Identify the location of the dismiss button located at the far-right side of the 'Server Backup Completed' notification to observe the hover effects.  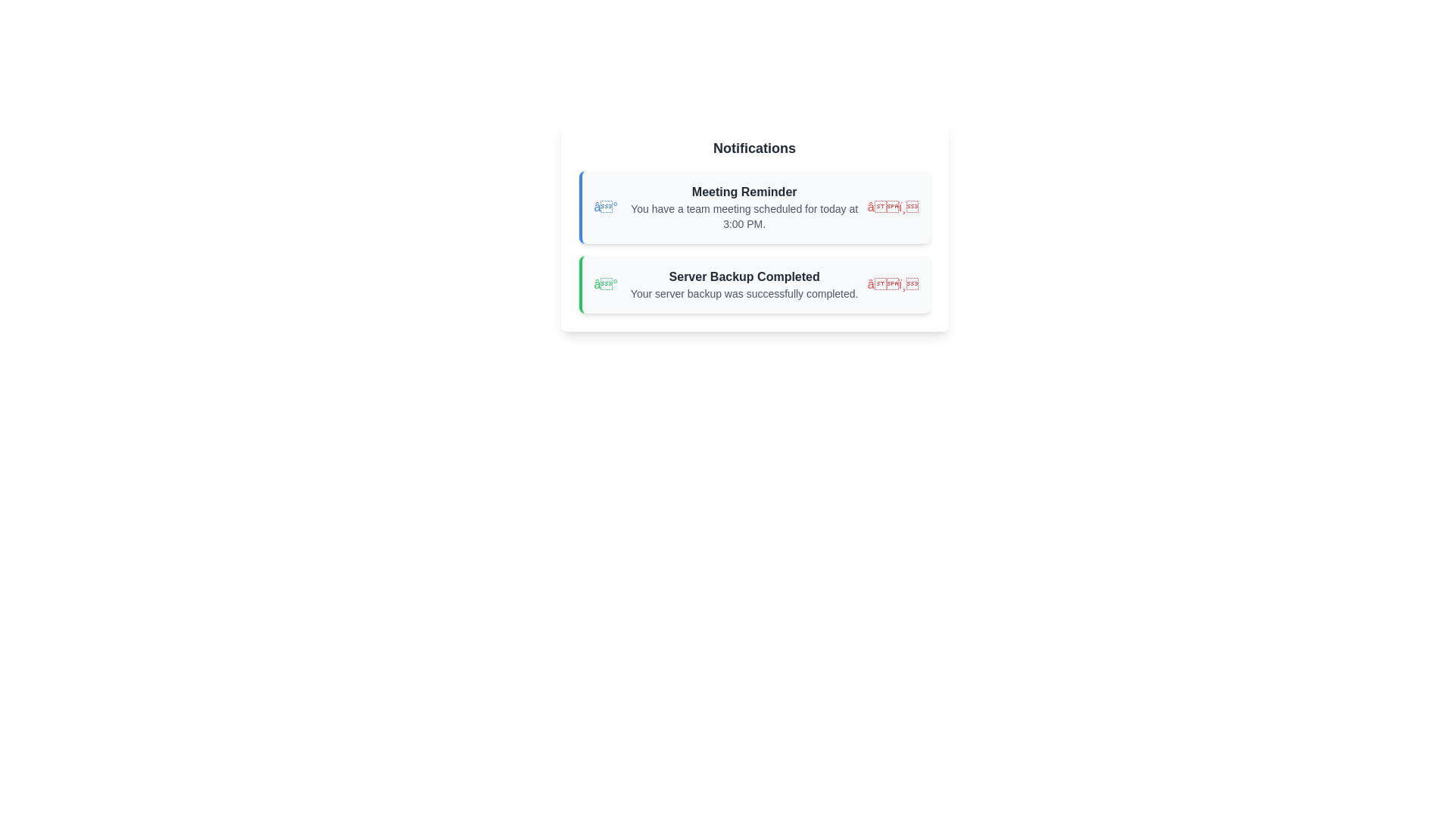
(893, 284).